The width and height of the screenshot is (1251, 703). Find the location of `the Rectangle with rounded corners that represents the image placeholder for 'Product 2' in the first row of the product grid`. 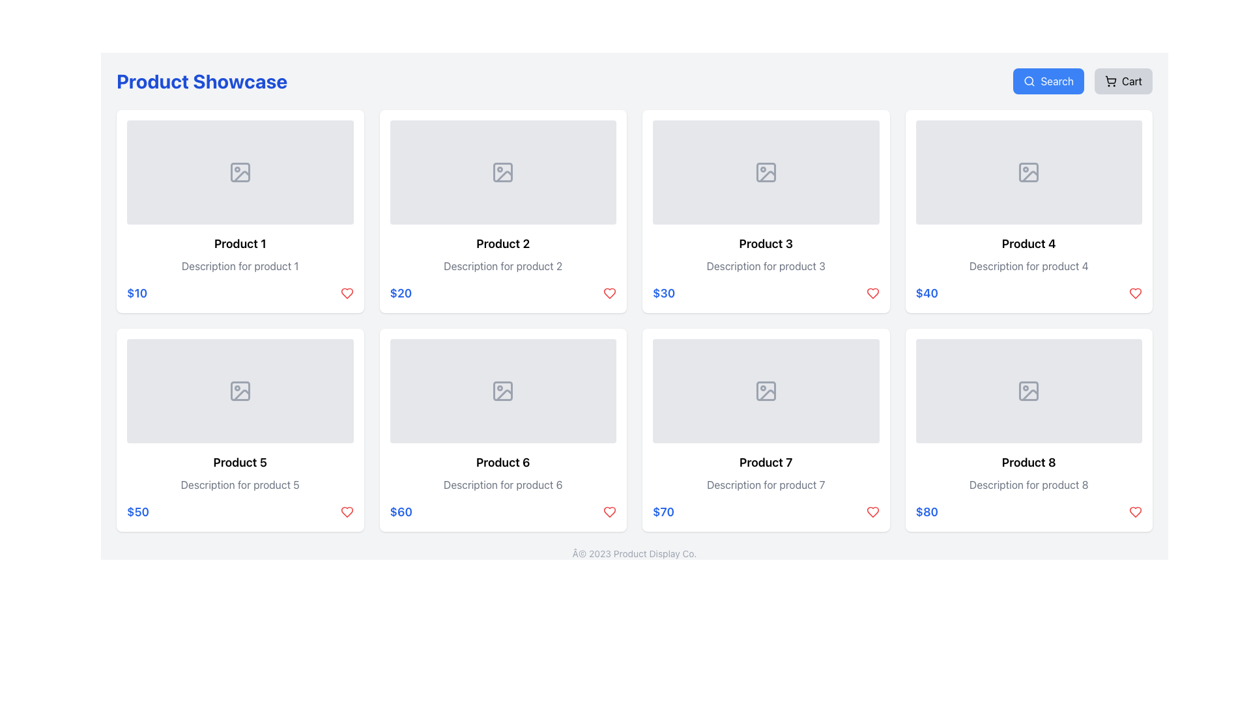

the Rectangle with rounded corners that represents the image placeholder for 'Product 2' in the first row of the product grid is located at coordinates (502, 172).